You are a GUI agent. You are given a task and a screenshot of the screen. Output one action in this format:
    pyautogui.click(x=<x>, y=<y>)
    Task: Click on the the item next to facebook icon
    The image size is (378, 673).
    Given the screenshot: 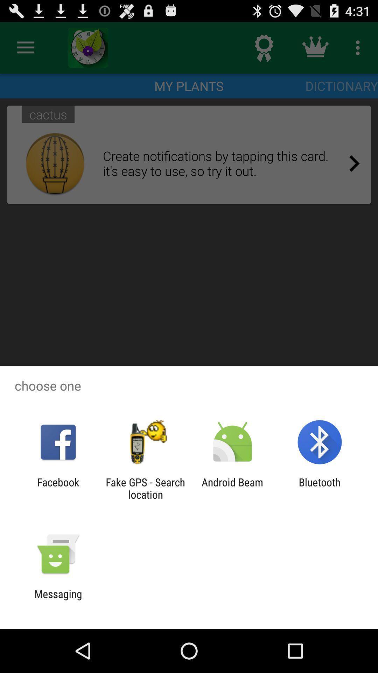 What is the action you would take?
    pyautogui.click(x=145, y=488)
    